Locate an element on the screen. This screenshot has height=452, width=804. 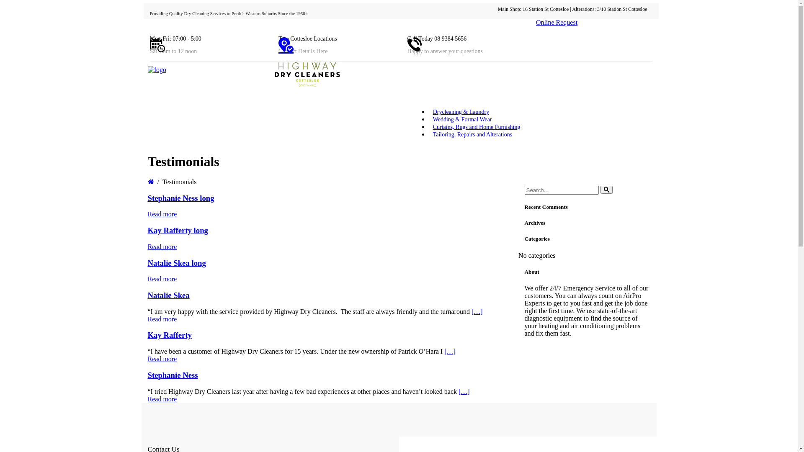
'Contact Details Here' is located at coordinates (302, 51).